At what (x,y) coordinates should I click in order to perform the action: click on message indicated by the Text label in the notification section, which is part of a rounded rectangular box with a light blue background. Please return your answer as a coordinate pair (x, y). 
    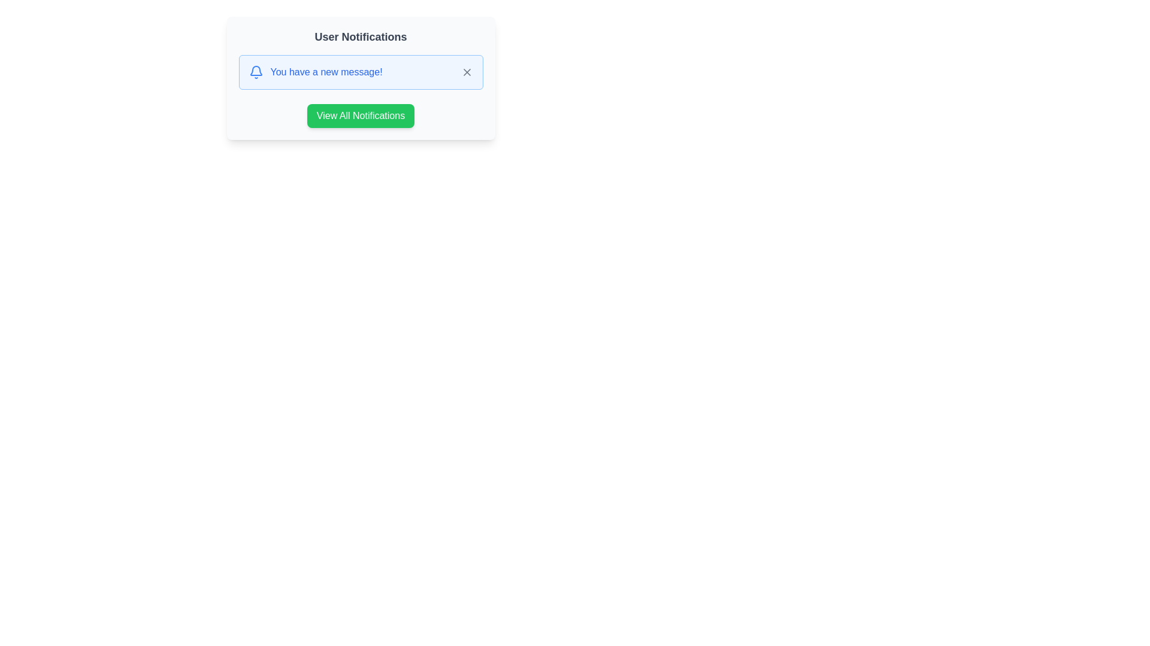
    Looking at the image, I should click on (316, 72).